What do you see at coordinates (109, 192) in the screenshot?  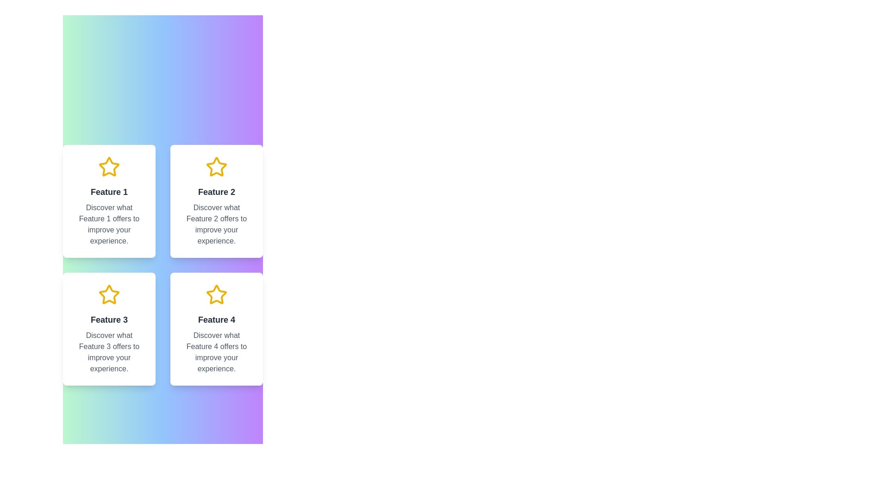 I see `bold text label 'Feature 1' which is centered within a white card in the top-left corner of a 2x2 grid layout` at bounding box center [109, 192].